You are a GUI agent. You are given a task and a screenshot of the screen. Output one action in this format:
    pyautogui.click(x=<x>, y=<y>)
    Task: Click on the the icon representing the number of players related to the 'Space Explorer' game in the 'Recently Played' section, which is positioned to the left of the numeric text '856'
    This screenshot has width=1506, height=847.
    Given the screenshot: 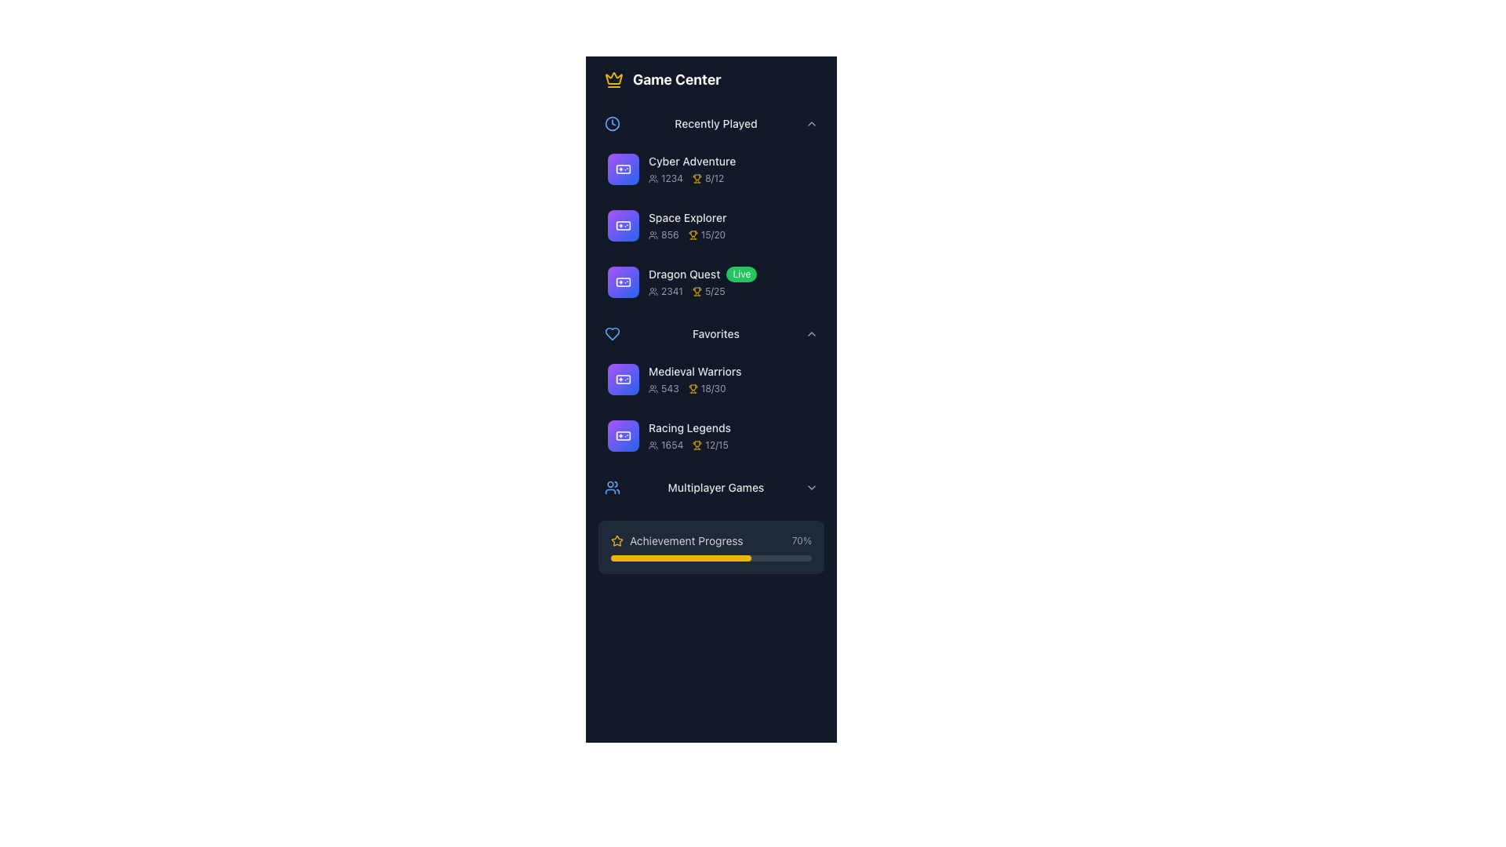 What is the action you would take?
    pyautogui.click(x=653, y=235)
    